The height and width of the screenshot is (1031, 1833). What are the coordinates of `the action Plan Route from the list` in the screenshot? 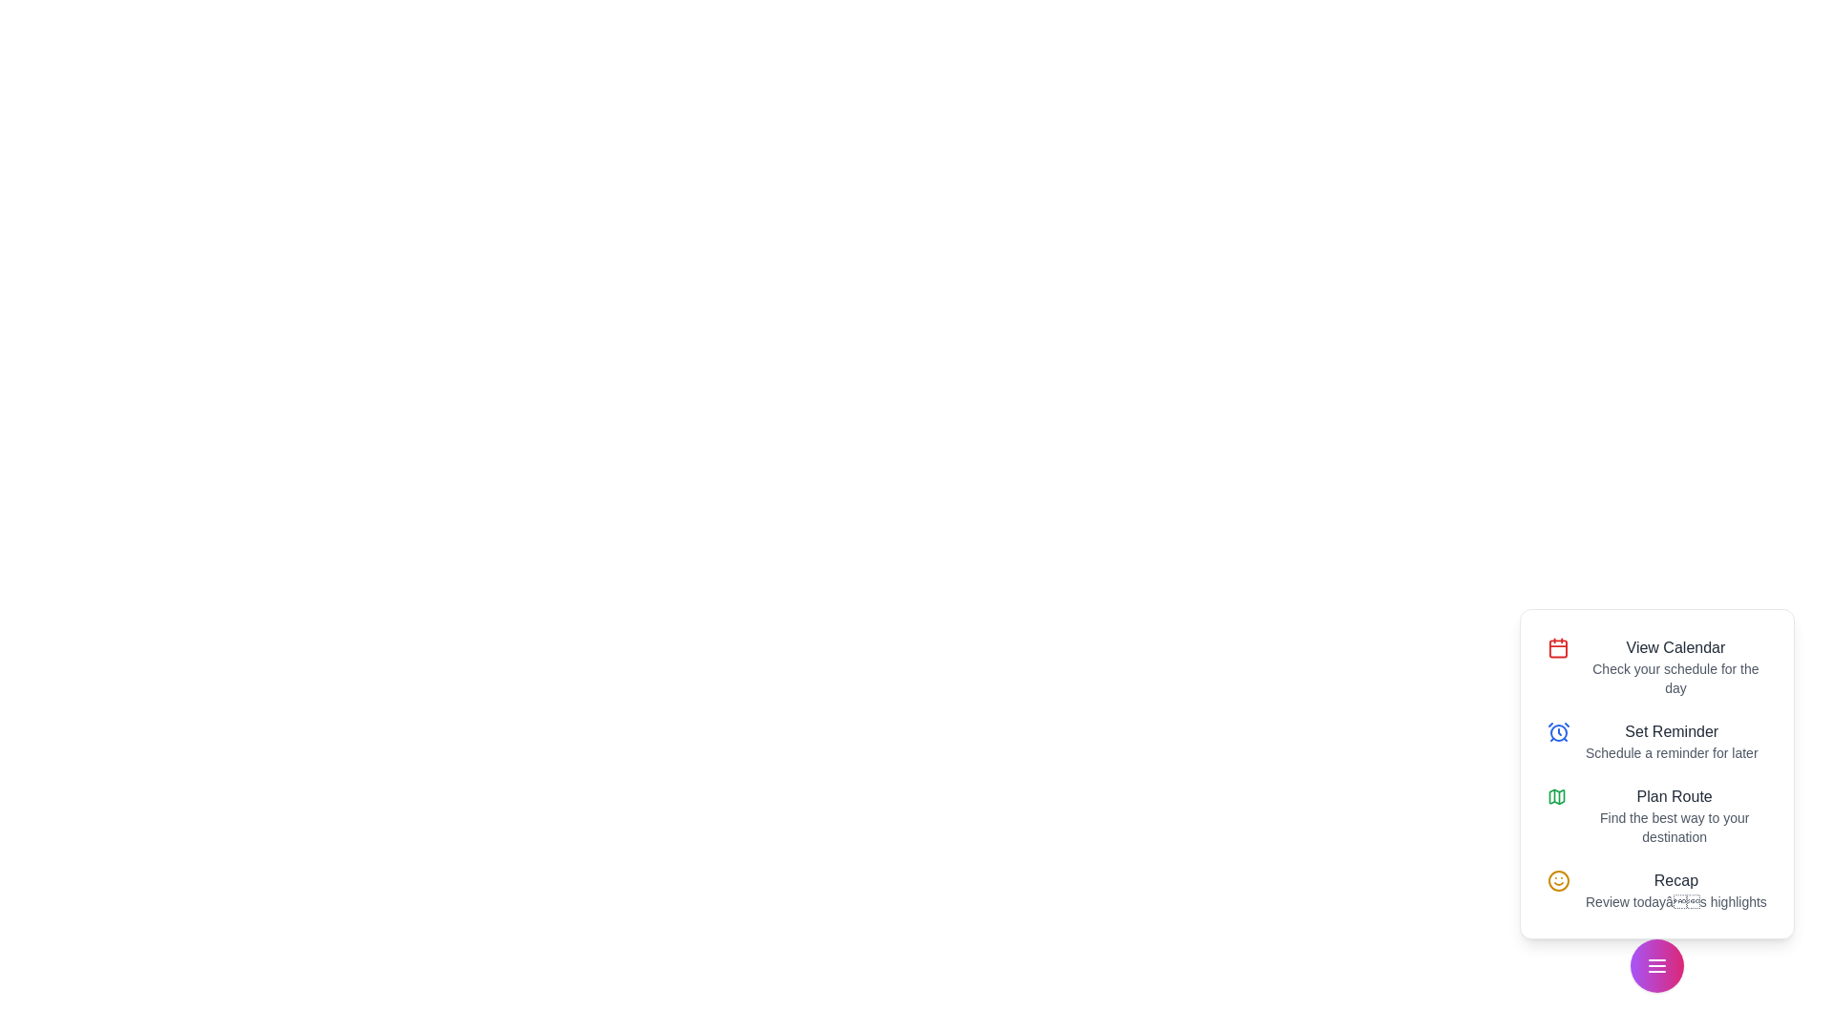 It's located at (1656, 816).